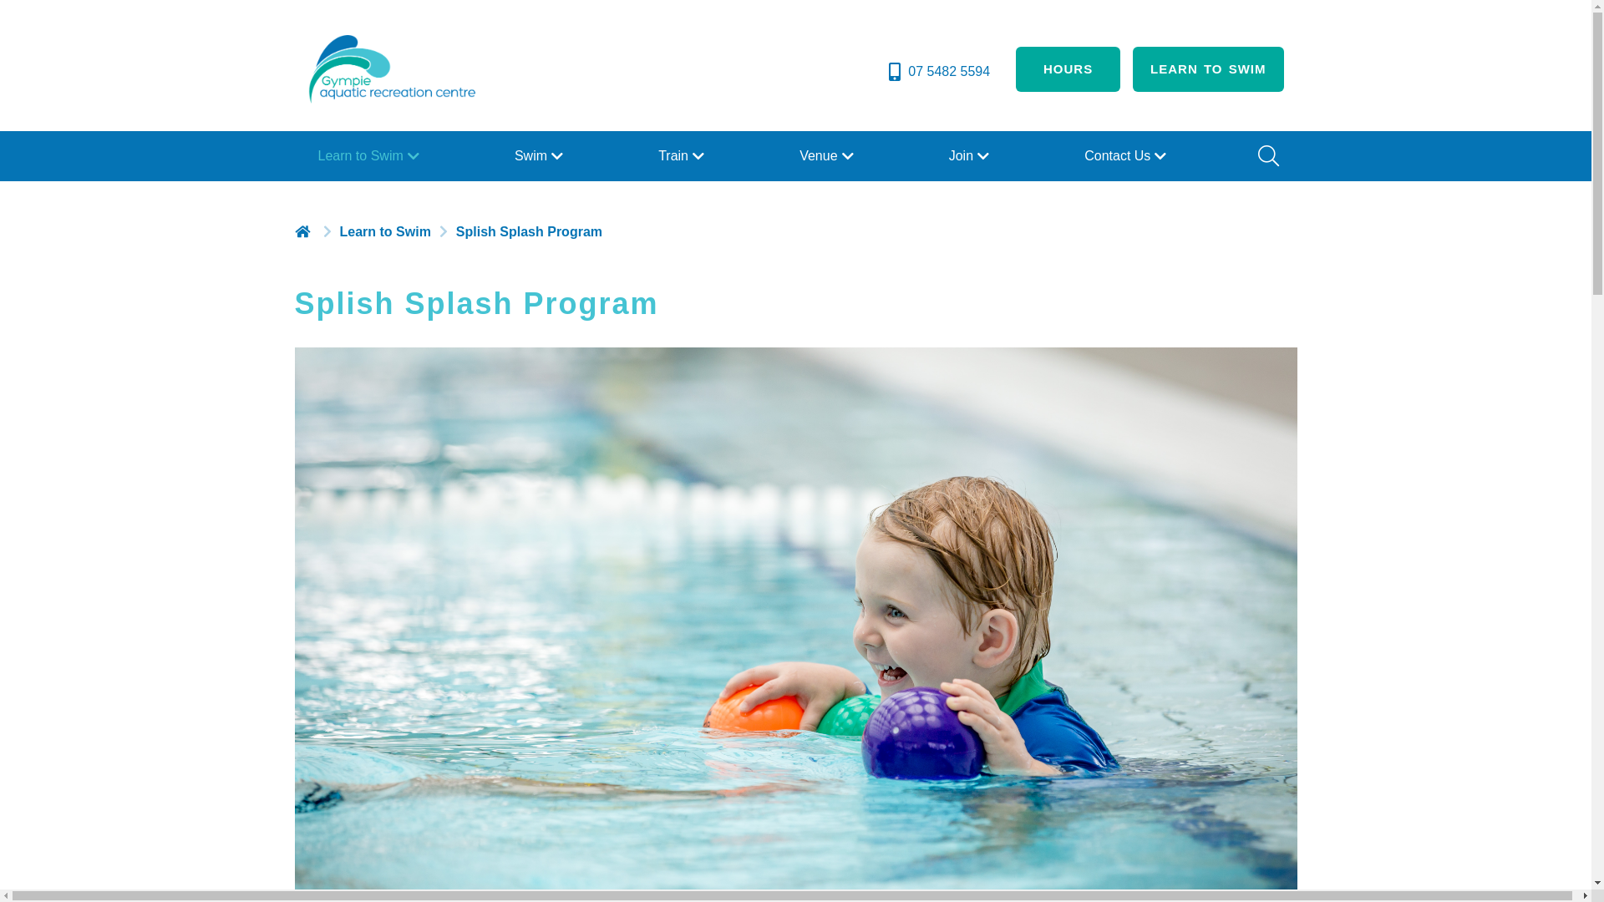 The height and width of the screenshot is (902, 1604). I want to click on 'Contact Us', so click(1078, 155).